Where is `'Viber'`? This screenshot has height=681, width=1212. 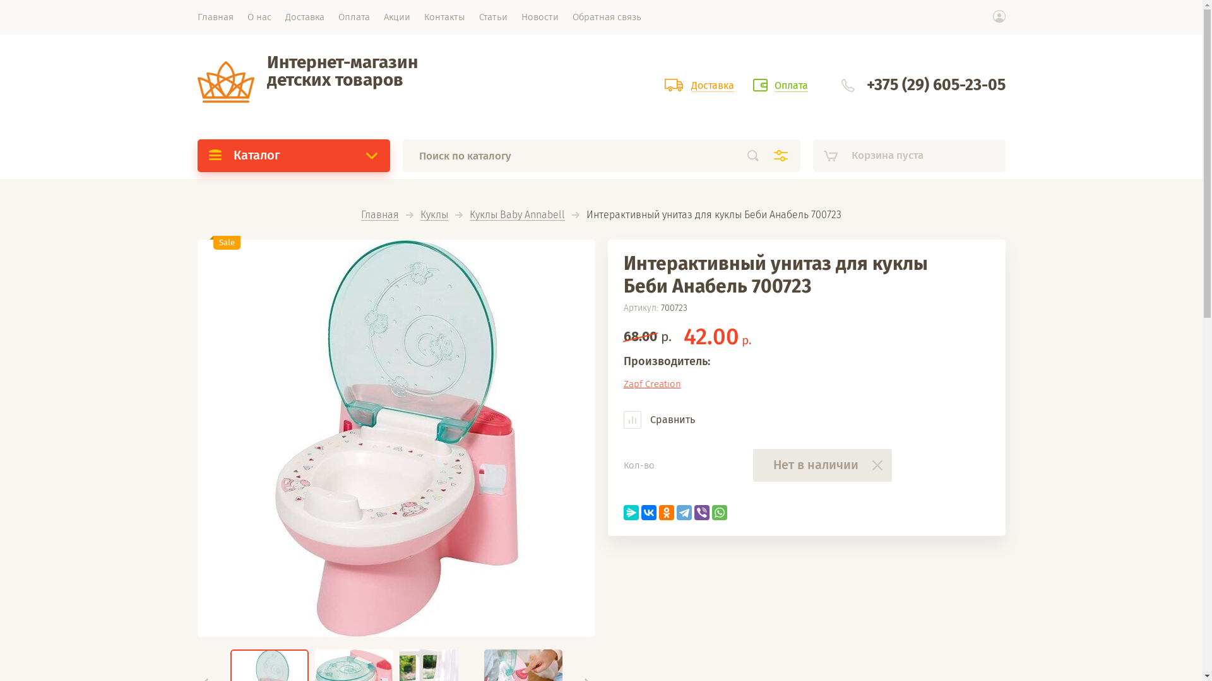 'Viber' is located at coordinates (701, 513).